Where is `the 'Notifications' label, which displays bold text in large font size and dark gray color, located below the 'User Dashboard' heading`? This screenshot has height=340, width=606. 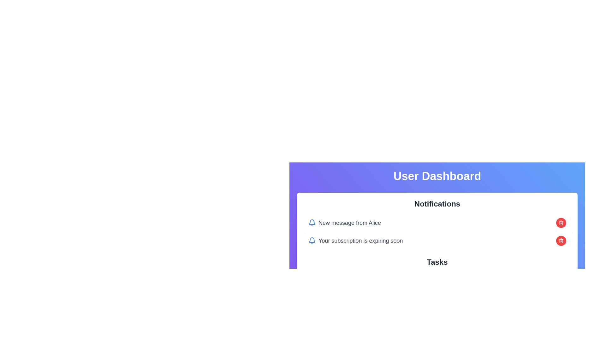
the 'Notifications' label, which displays bold text in large font size and dark gray color, located below the 'User Dashboard' heading is located at coordinates (437, 204).